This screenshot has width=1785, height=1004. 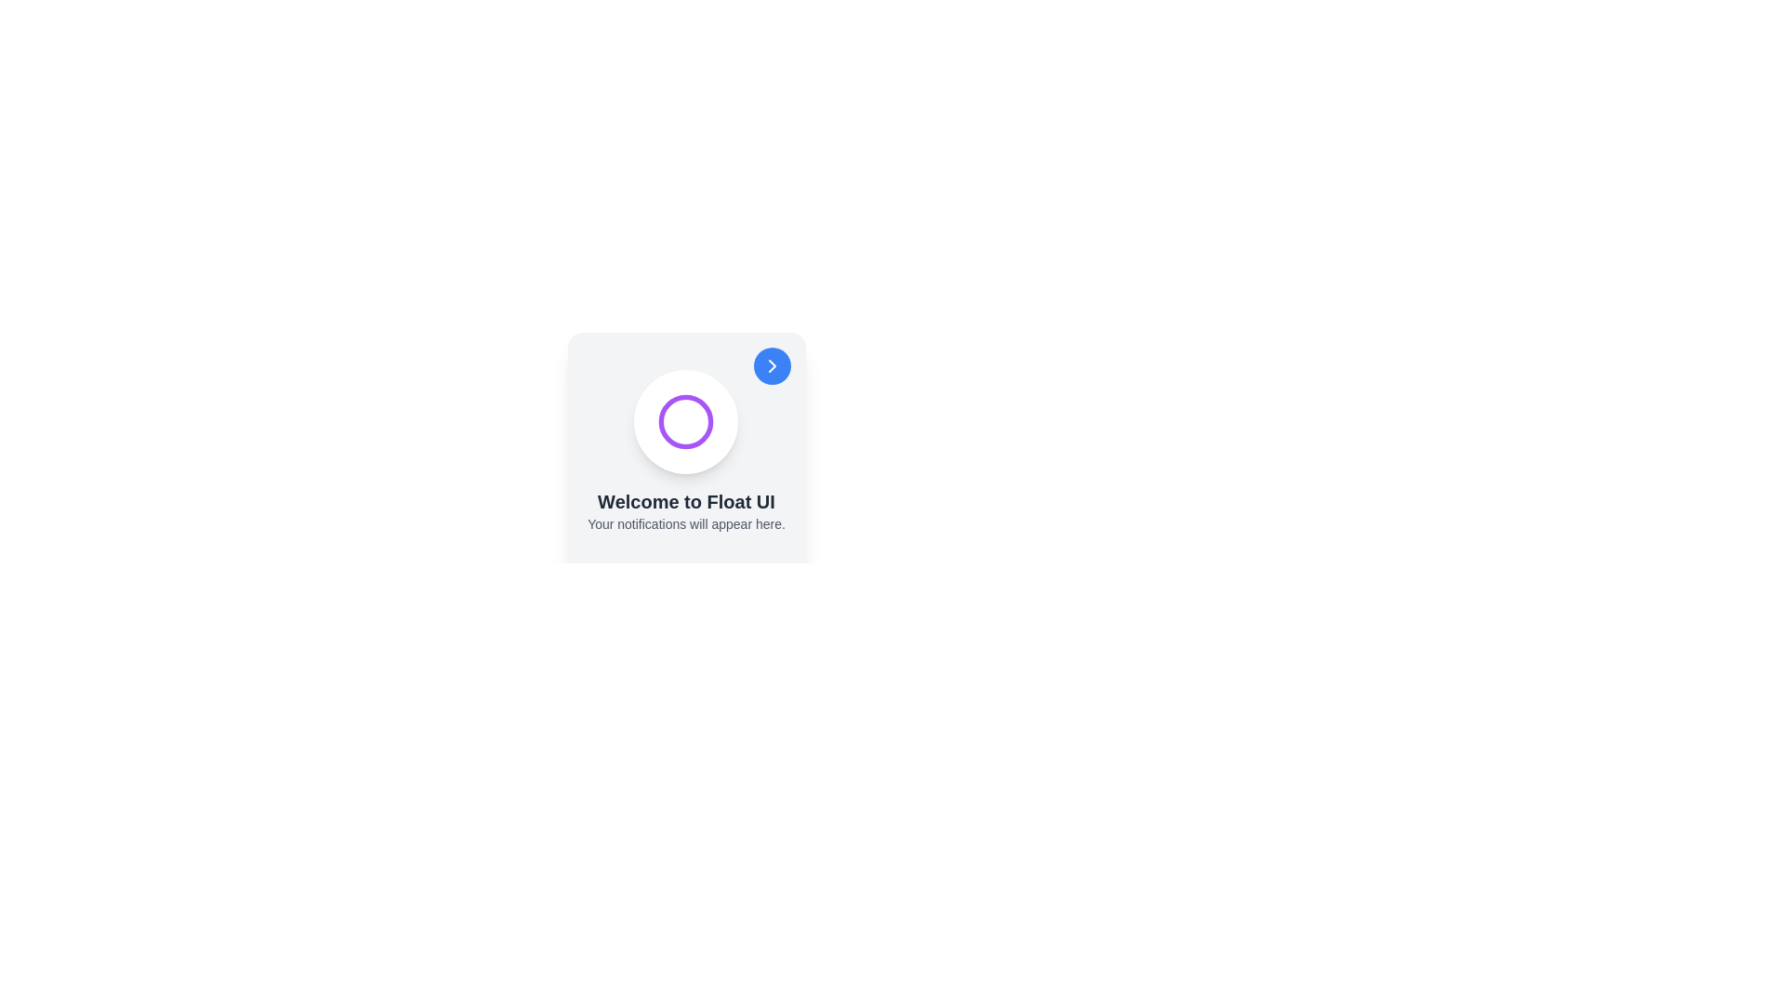 What do you see at coordinates (685, 502) in the screenshot?
I see `the prominent welcoming headline text located at the top text row of the card, which is centrally positioned above the notification message and below the circular design` at bounding box center [685, 502].